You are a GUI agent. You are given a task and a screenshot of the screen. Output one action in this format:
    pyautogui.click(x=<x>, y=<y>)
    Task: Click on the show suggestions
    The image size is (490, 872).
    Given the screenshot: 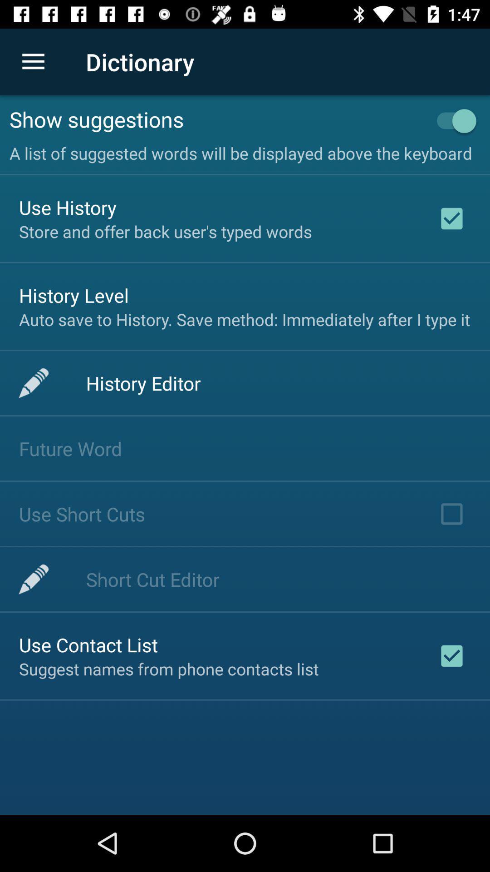 What is the action you would take?
    pyautogui.click(x=216, y=119)
    